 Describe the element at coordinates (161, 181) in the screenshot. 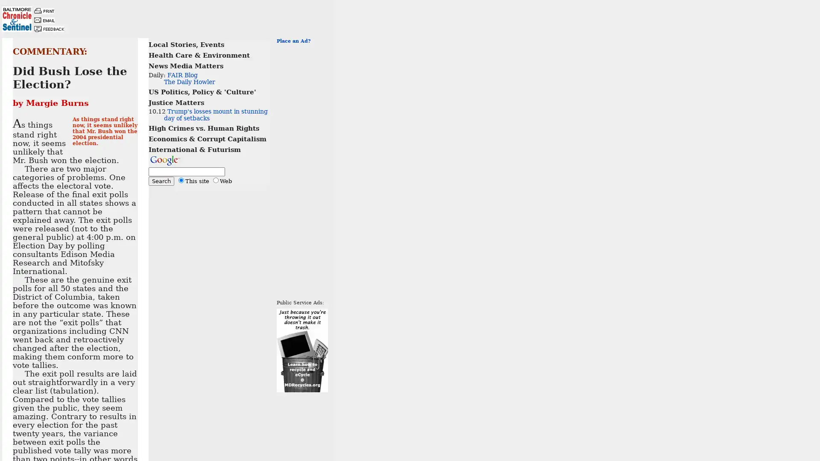

I see `Search` at that location.